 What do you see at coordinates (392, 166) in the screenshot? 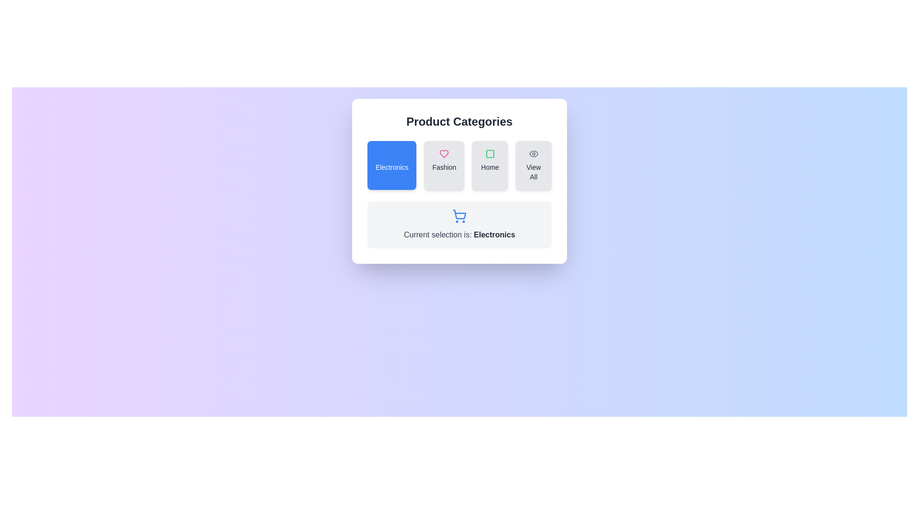
I see `the 'Electronics' category text label, which is the first item in a horizontal row of selectable categories` at bounding box center [392, 166].